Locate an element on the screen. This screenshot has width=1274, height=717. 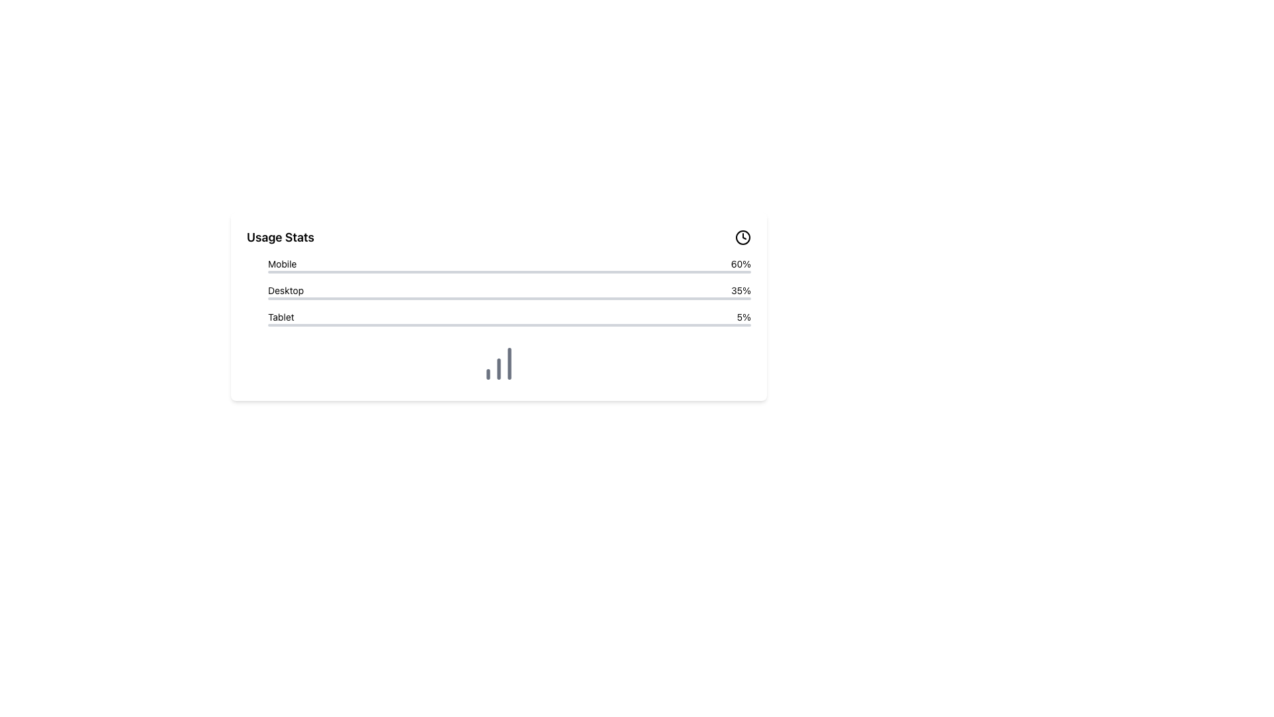
the Information Display Row with Progress Bar, which is the third entry in a vertical list, conveying tablet usage statistics is located at coordinates (498, 318).